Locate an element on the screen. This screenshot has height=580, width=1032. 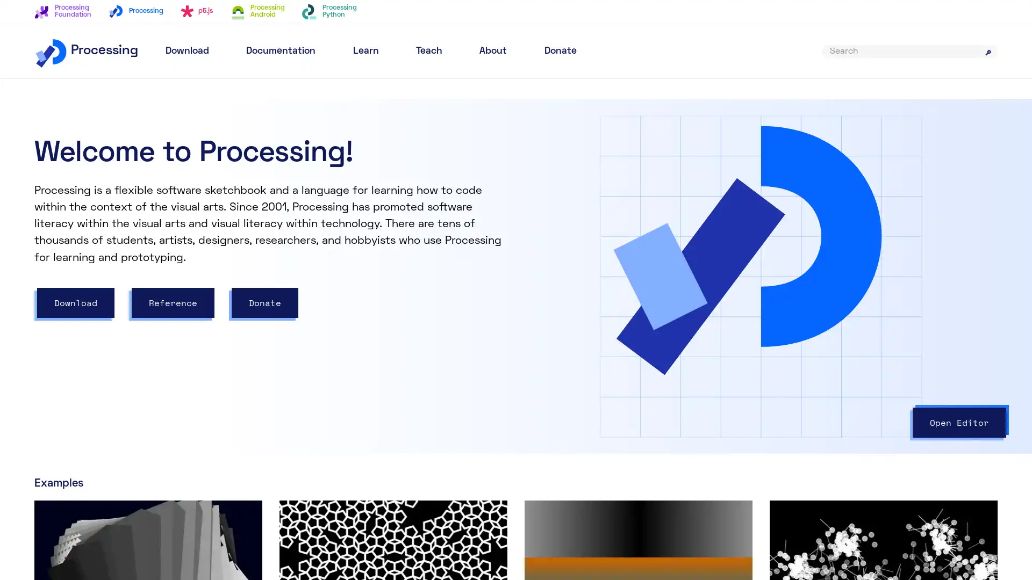
SQUARE is located at coordinates (610, 245).